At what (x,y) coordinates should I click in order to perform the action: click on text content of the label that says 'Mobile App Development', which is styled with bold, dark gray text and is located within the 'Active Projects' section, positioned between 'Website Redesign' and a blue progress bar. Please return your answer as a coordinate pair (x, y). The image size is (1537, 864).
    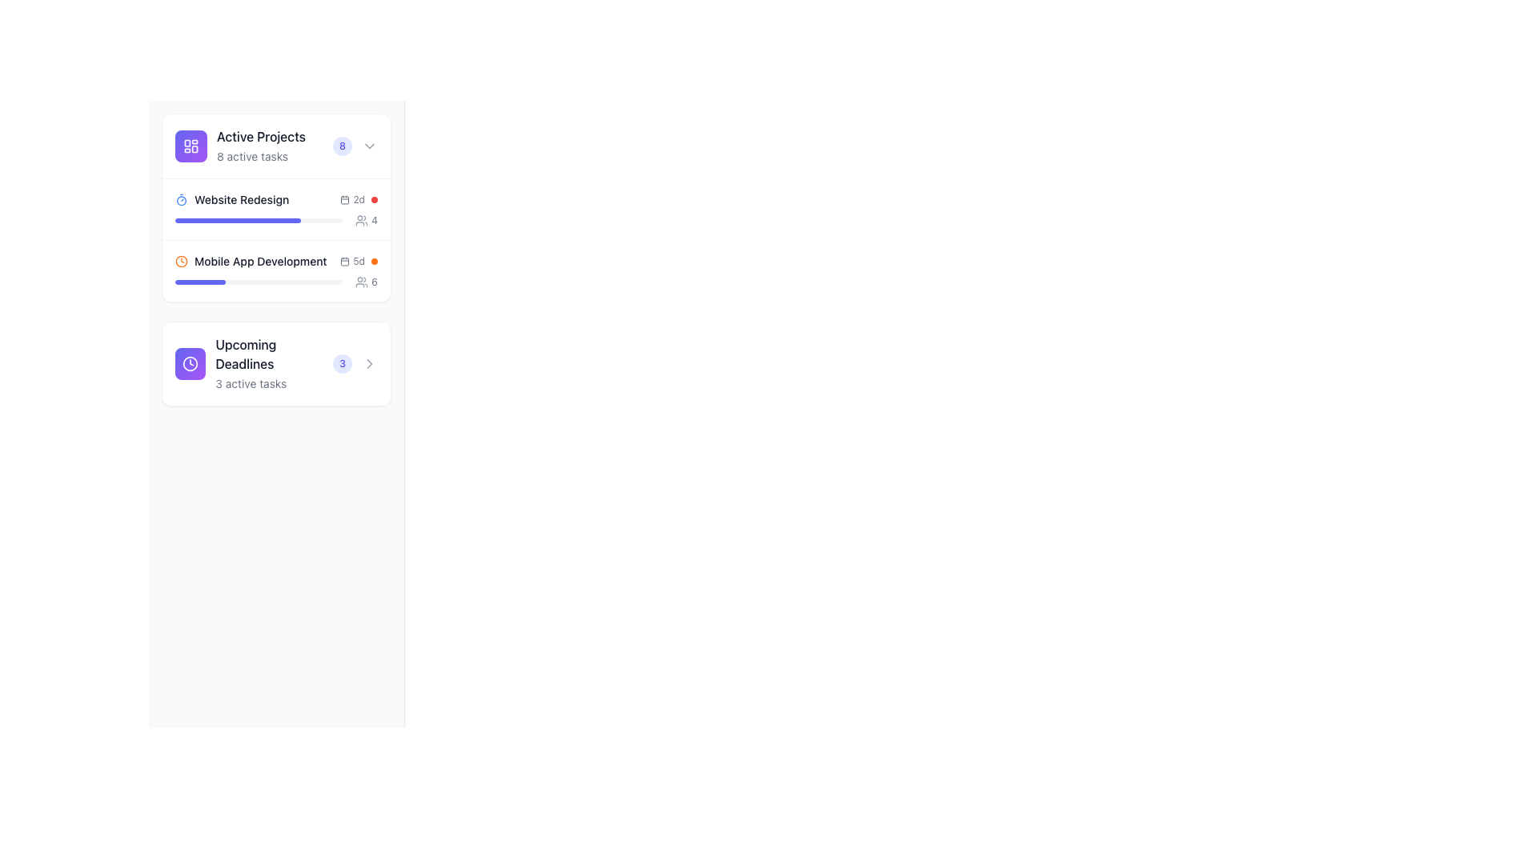
    Looking at the image, I should click on (260, 261).